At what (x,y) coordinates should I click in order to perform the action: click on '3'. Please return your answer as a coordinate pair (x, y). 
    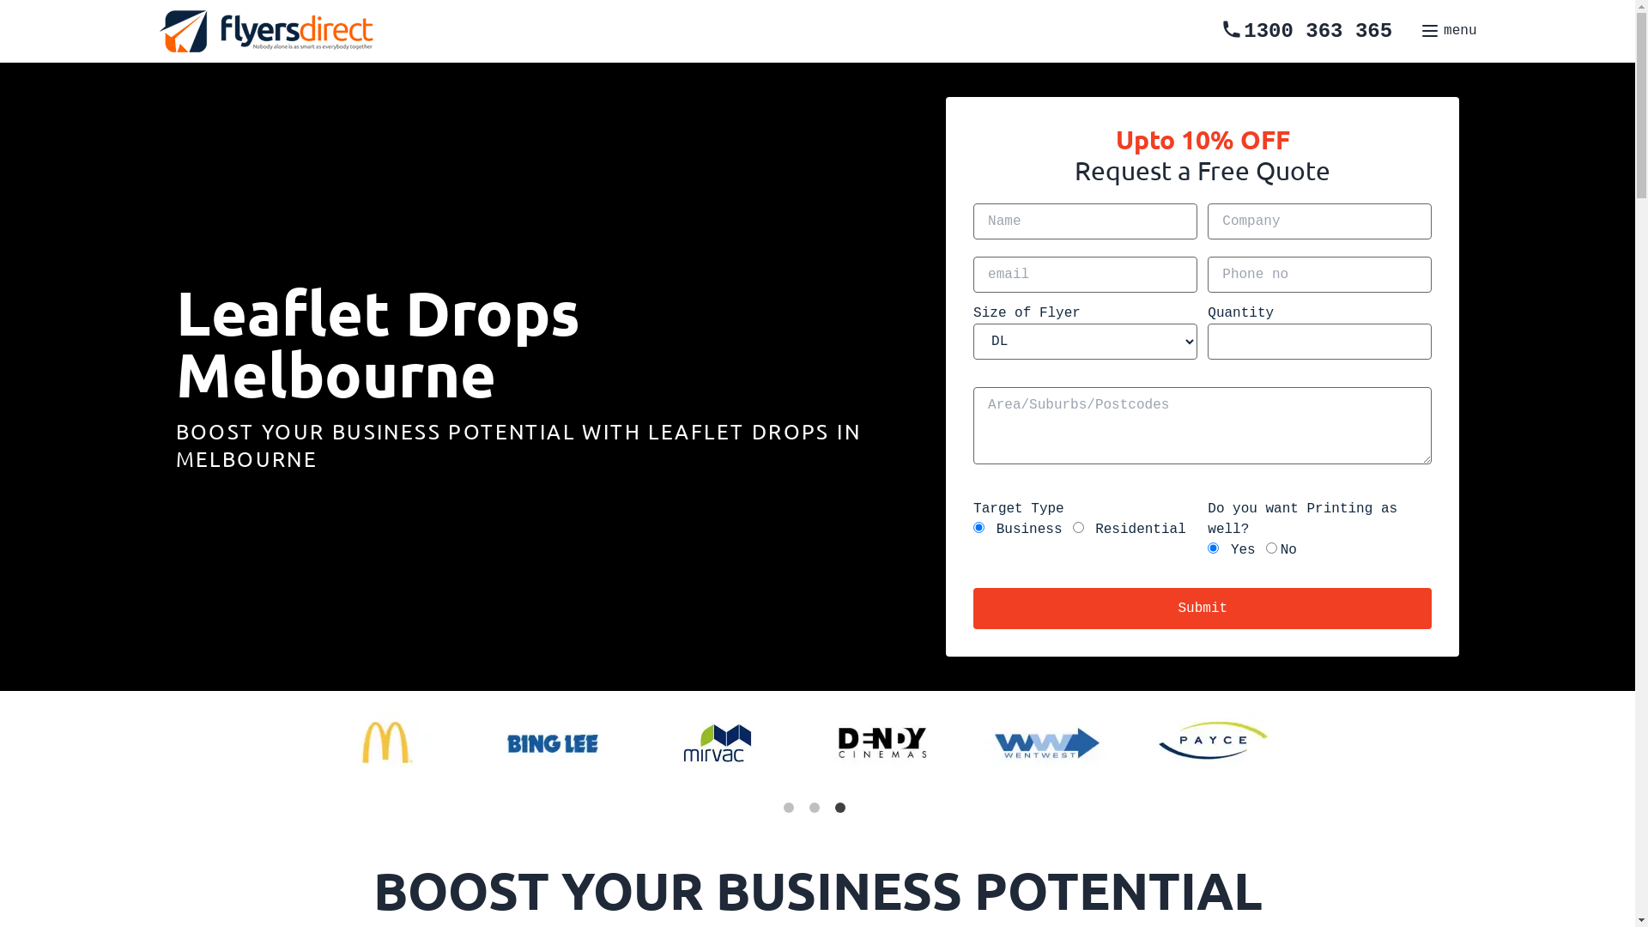
    Looking at the image, I should click on (843, 811).